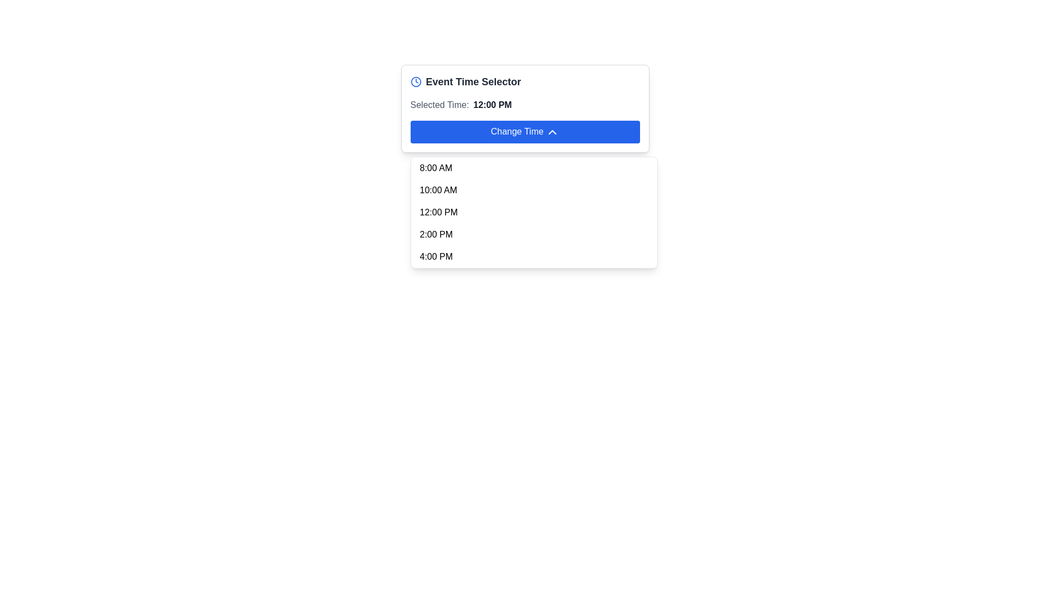 The height and width of the screenshot is (598, 1064). What do you see at coordinates (534, 189) in the screenshot?
I see `the second item in the dropdown menu` at bounding box center [534, 189].